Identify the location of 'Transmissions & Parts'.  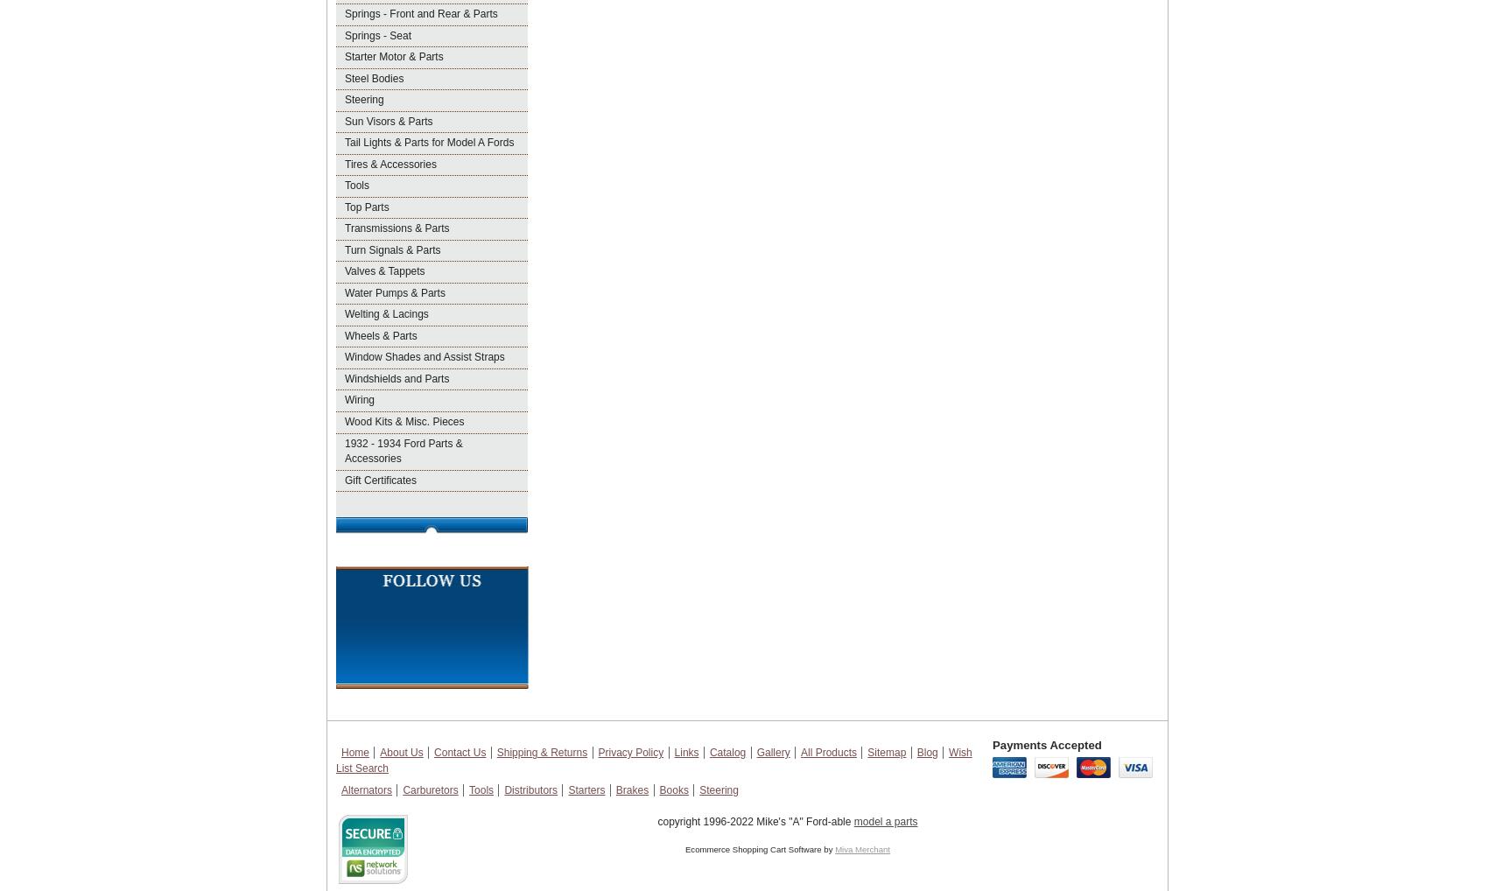
(397, 228).